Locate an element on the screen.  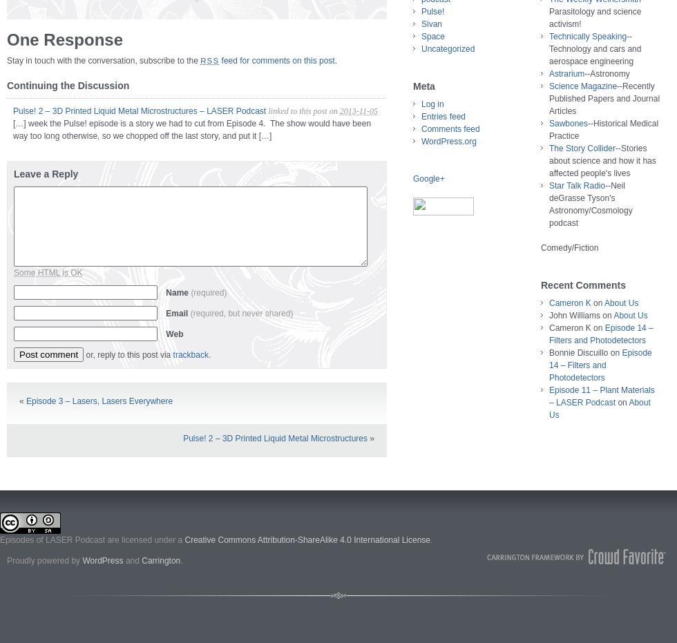
'The Story Collider' is located at coordinates (549, 148).